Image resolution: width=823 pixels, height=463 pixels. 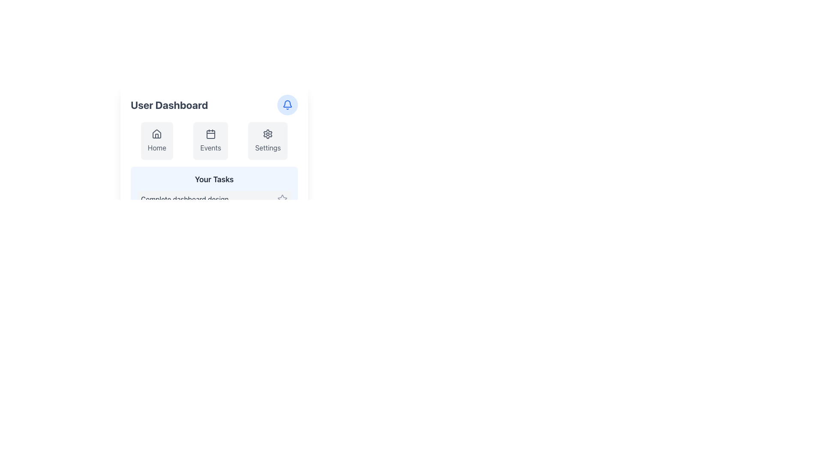 What do you see at coordinates (288, 105) in the screenshot?
I see `the circular light blue button with a bell icon located at the top-right of the User Dashboard` at bounding box center [288, 105].